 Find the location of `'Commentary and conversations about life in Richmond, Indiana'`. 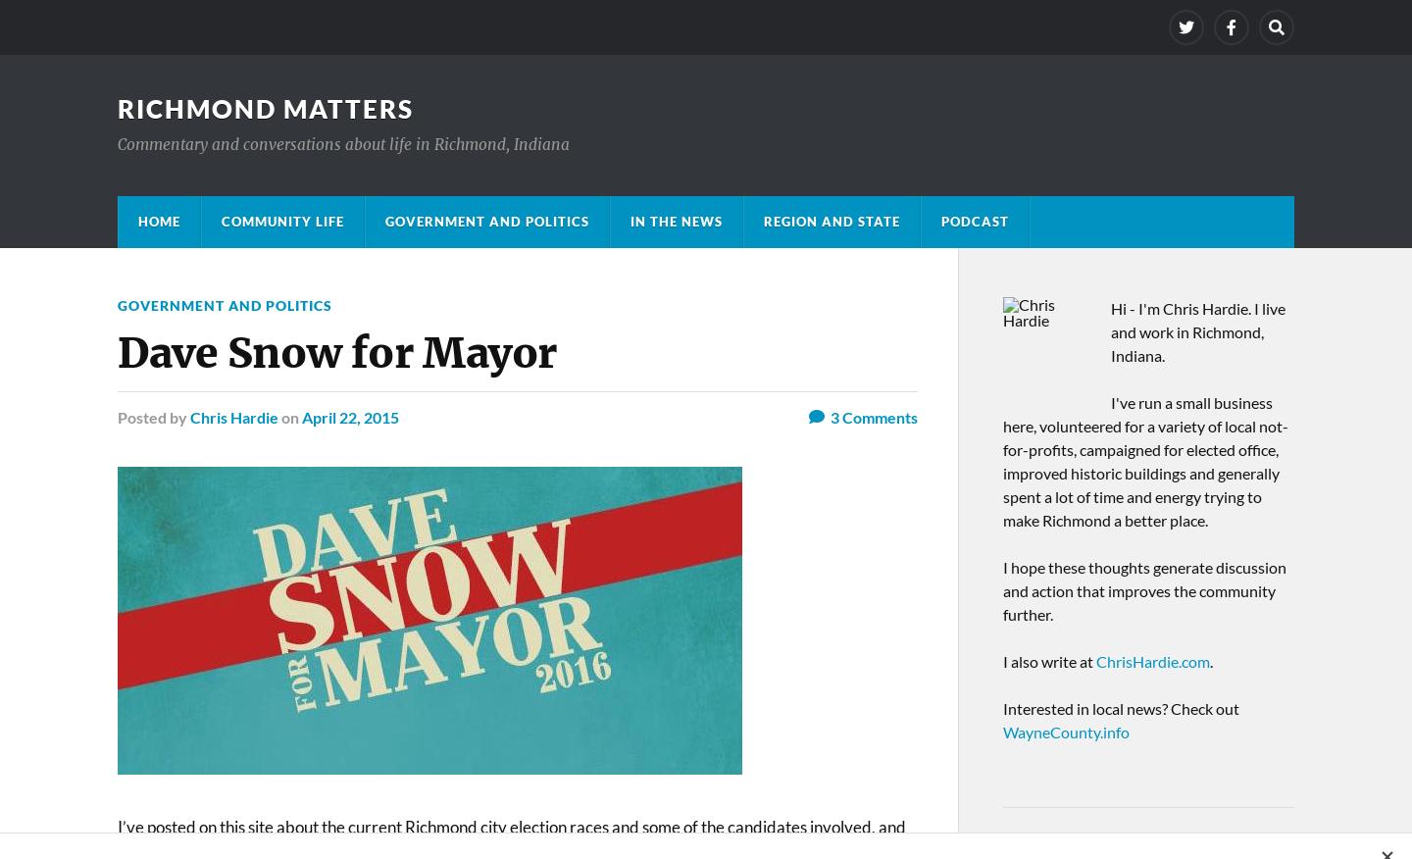

'Commentary and conversations about life in Richmond, Indiana' is located at coordinates (343, 143).